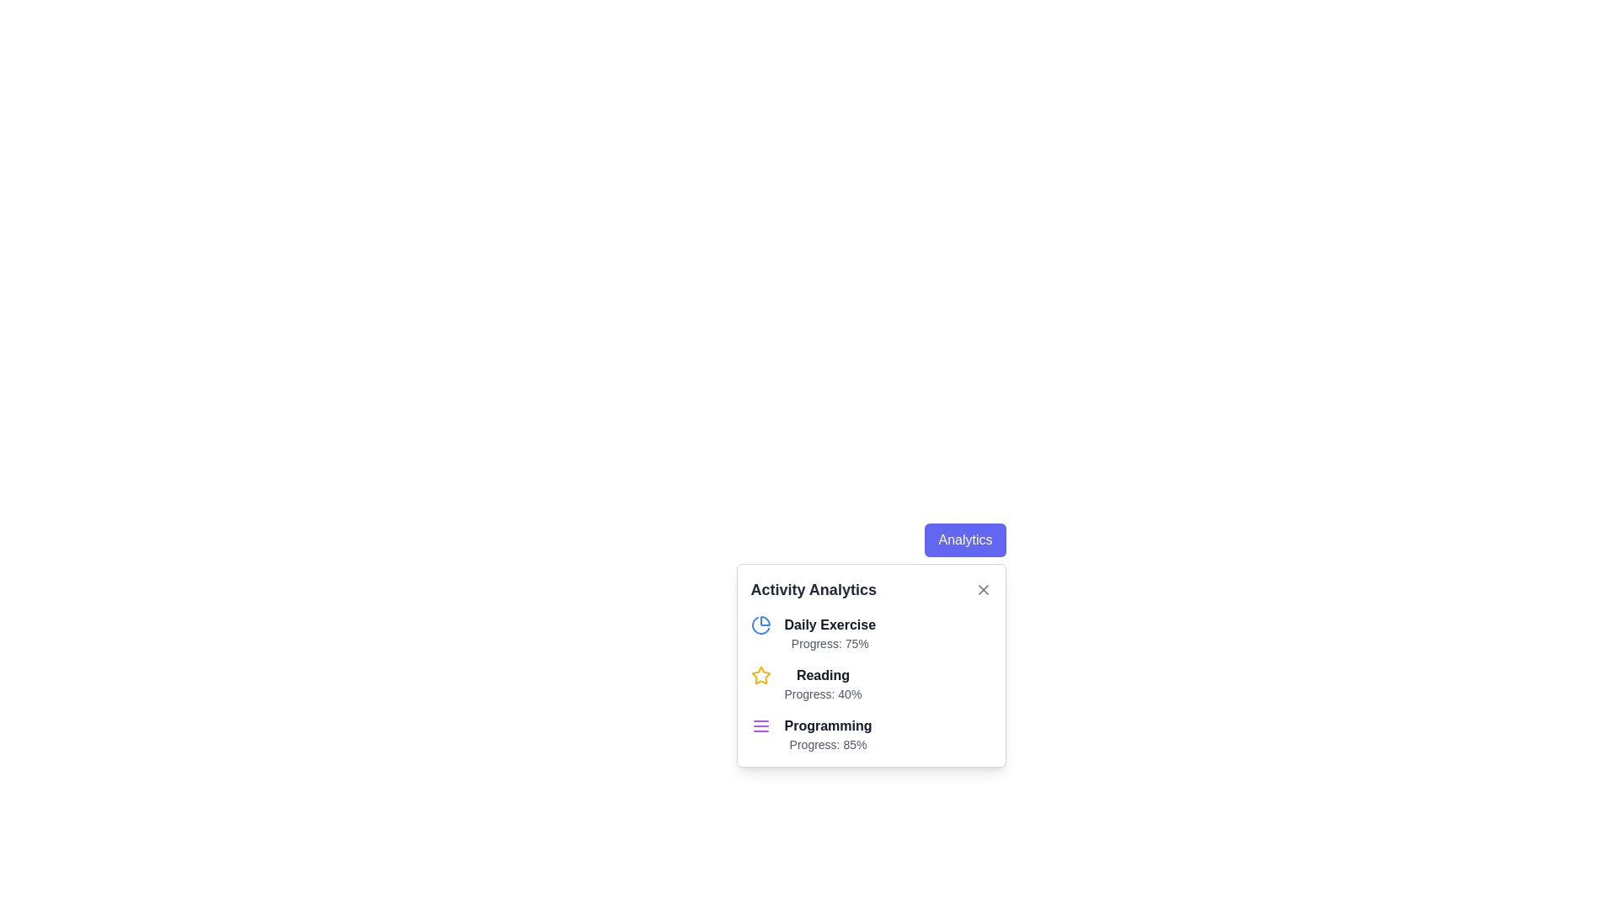 The width and height of the screenshot is (1617, 909). I want to click on label text that serves as a title for the specific entry in the 'Activity Analytics' section, located above the text 'Progress: 85%', so click(828, 726).